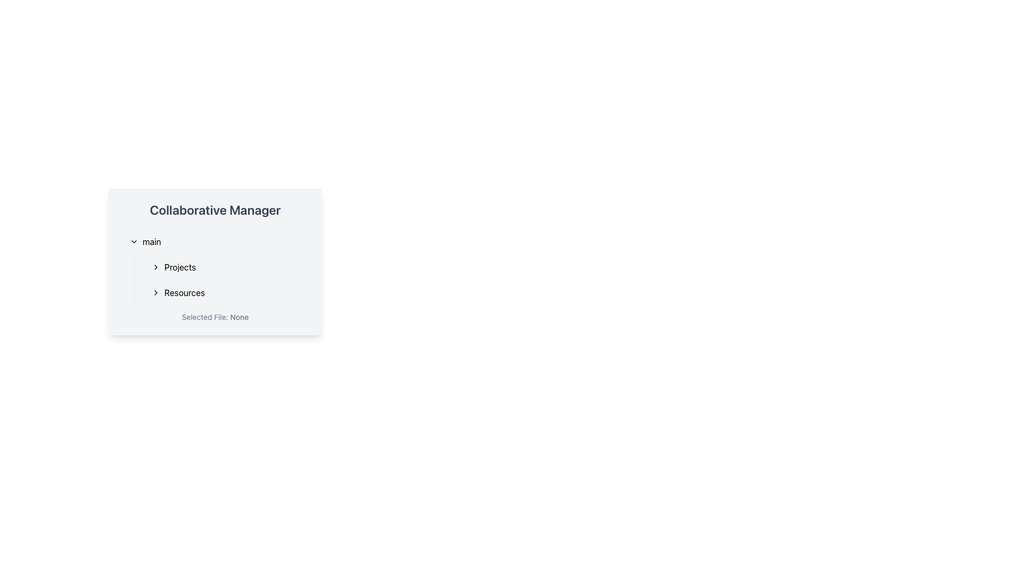 The height and width of the screenshot is (574, 1022). What do you see at coordinates (184, 293) in the screenshot?
I see `the second item under the 'main' section in the menu, which is a Text Label serving as a navigational link or expandable item` at bounding box center [184, 293].